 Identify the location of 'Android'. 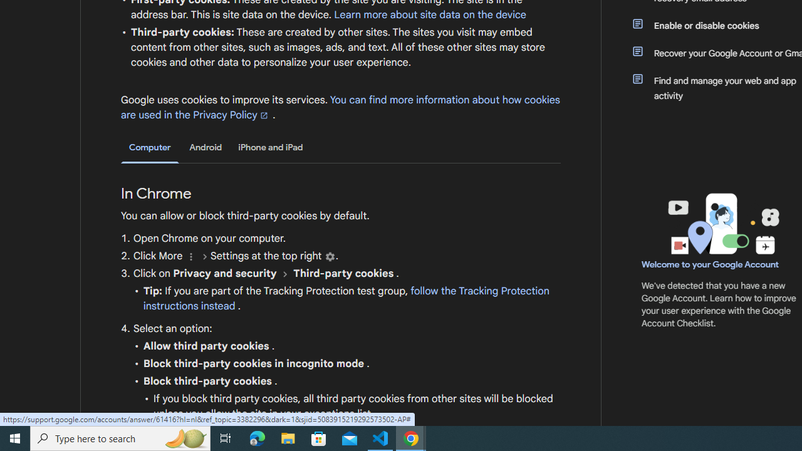
(206, 147).